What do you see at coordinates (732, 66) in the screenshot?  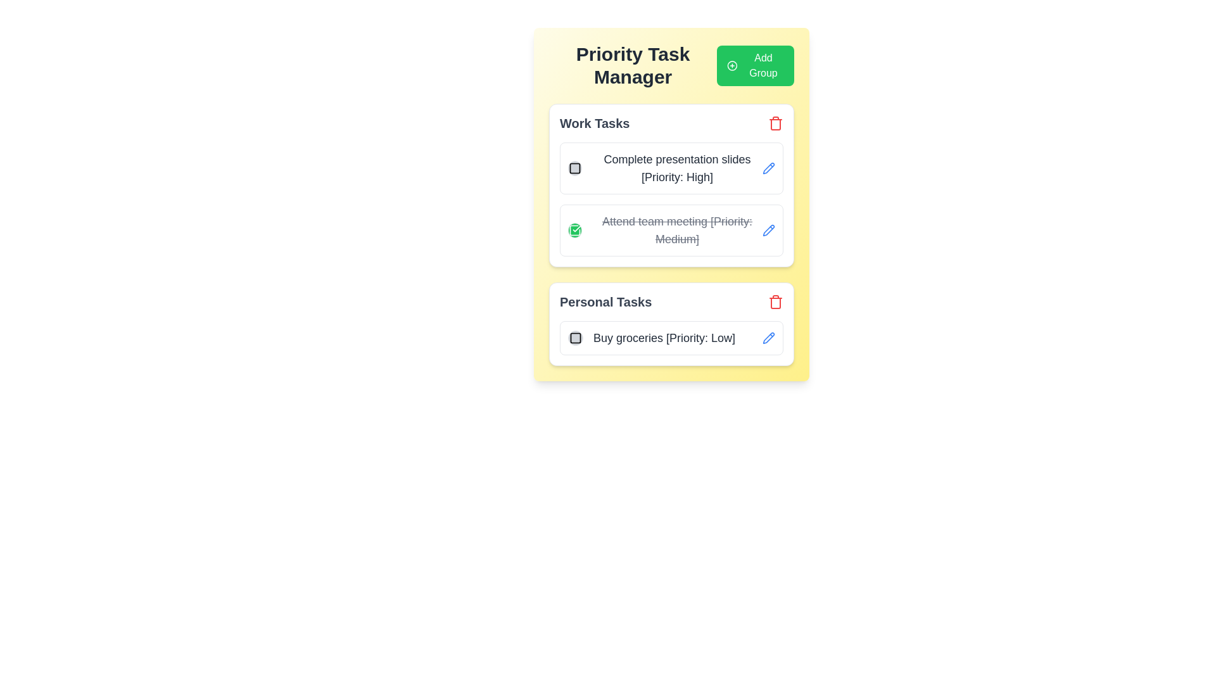 I see `the circular green outline icon within the 'Add Group' button located at the top-right of the task manager application` at bounding box center [732, 66].